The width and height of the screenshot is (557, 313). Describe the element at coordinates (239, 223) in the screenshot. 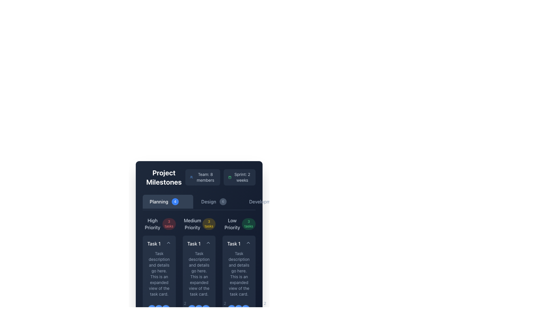

I see `the Category Header Label located in the Planning section of the third column` at that location.